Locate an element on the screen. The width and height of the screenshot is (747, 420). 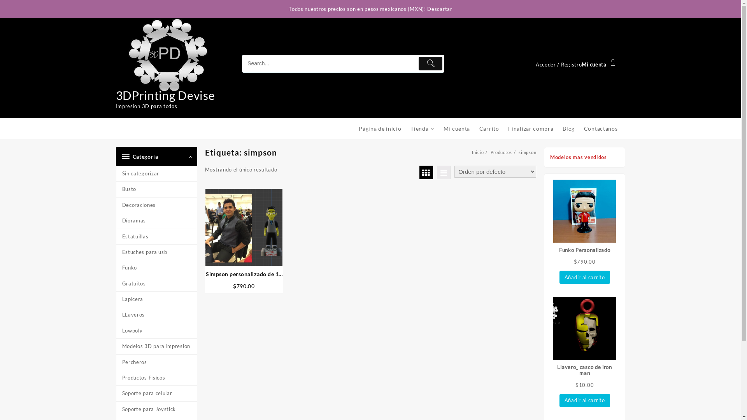
'Carrito' is located at coordinates (493, 128).